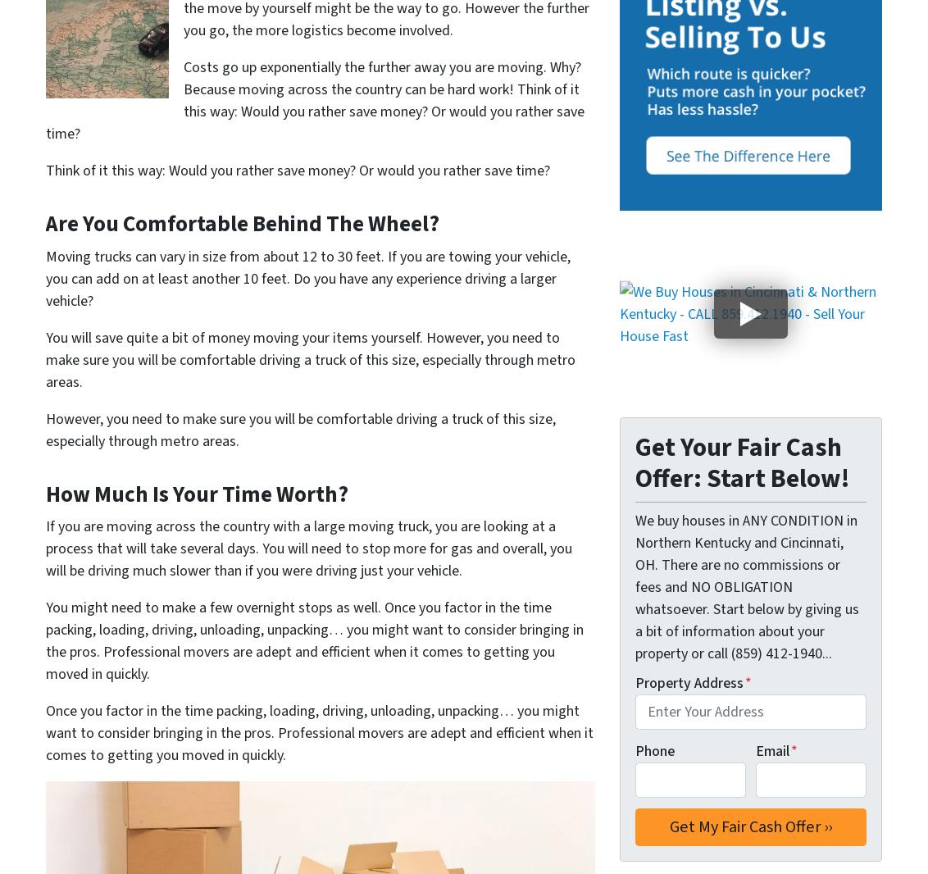 The width and height of the screenshot is (928, 874). Describe the element at coordinates (830, 234) in the screenshot. I see `'Monroe'` at that location.